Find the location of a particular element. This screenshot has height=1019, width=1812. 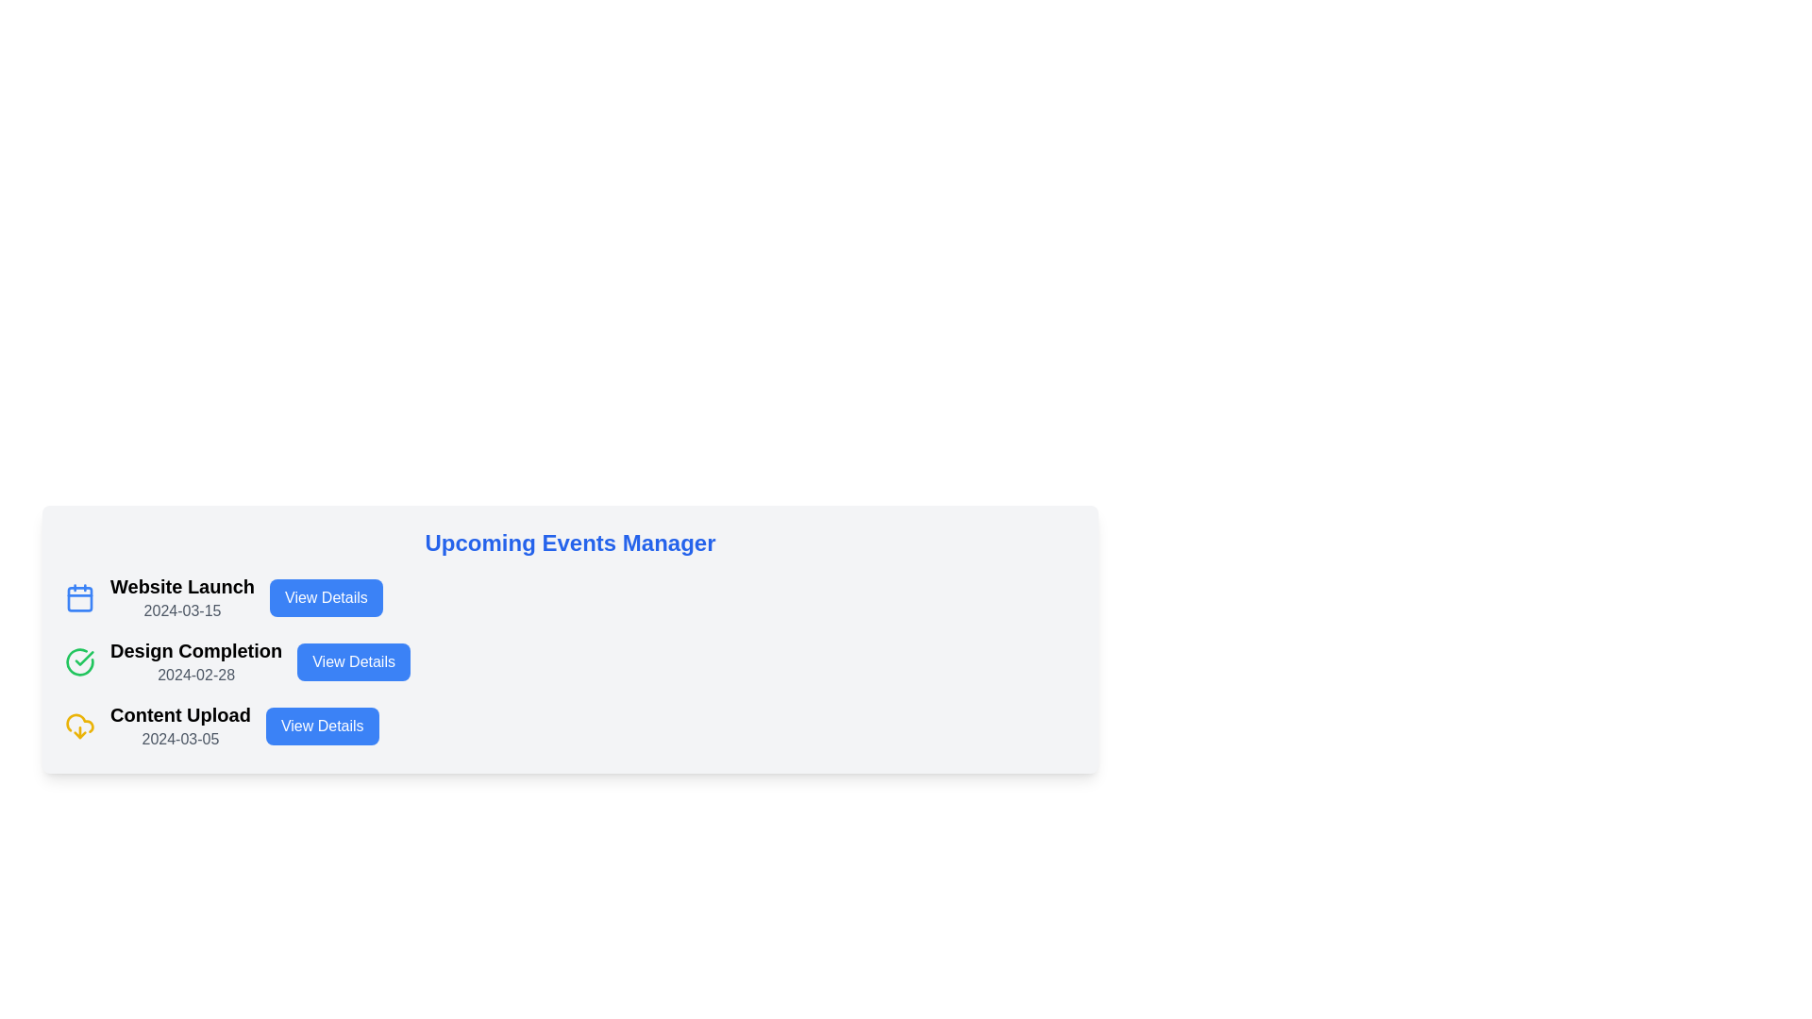

the 'View Details' button with rounded edges and a blue background located at the far right of the 'Design Completion 2024-02-28' row is located at coordinates (354, 661).